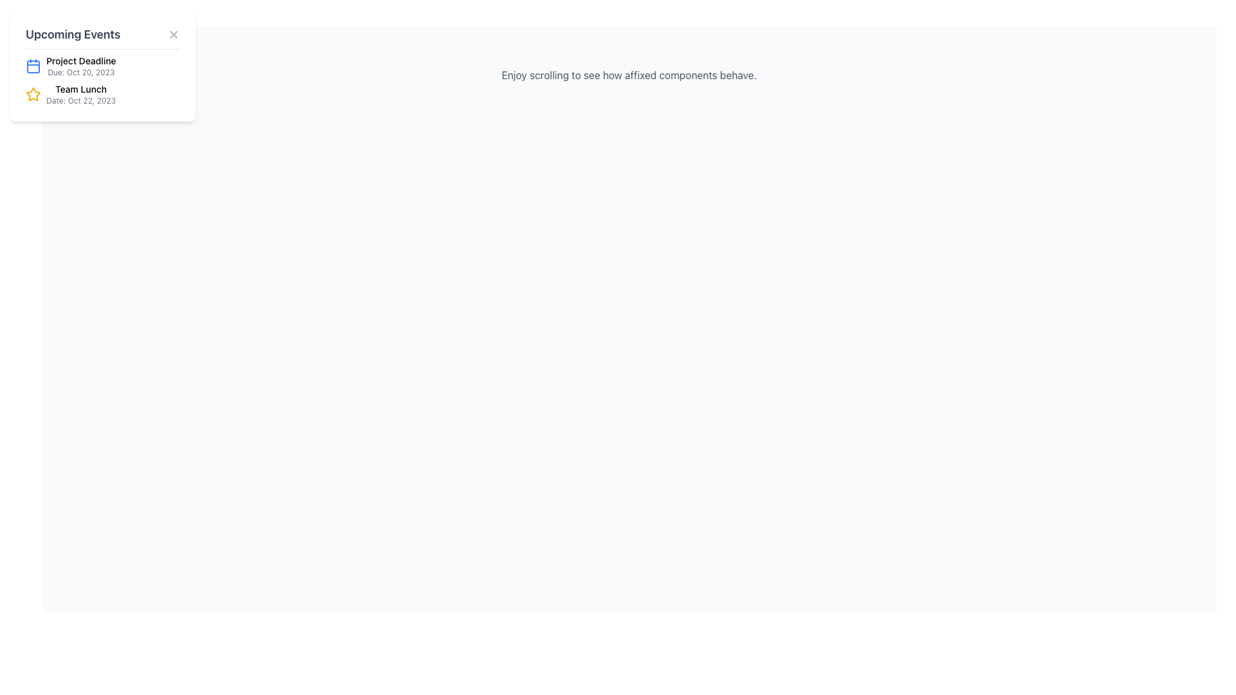 The height and width of the screenshot is (695, 1236). What do you see at coordinates (102, 93) in the screenshot?
I see `the list item labeled 'Team Lunch' that features a yellow star icon and displays the date 'Oct 22, 2023' beneath the entry 'Project Deadline'` at bounding box center [102, 93].